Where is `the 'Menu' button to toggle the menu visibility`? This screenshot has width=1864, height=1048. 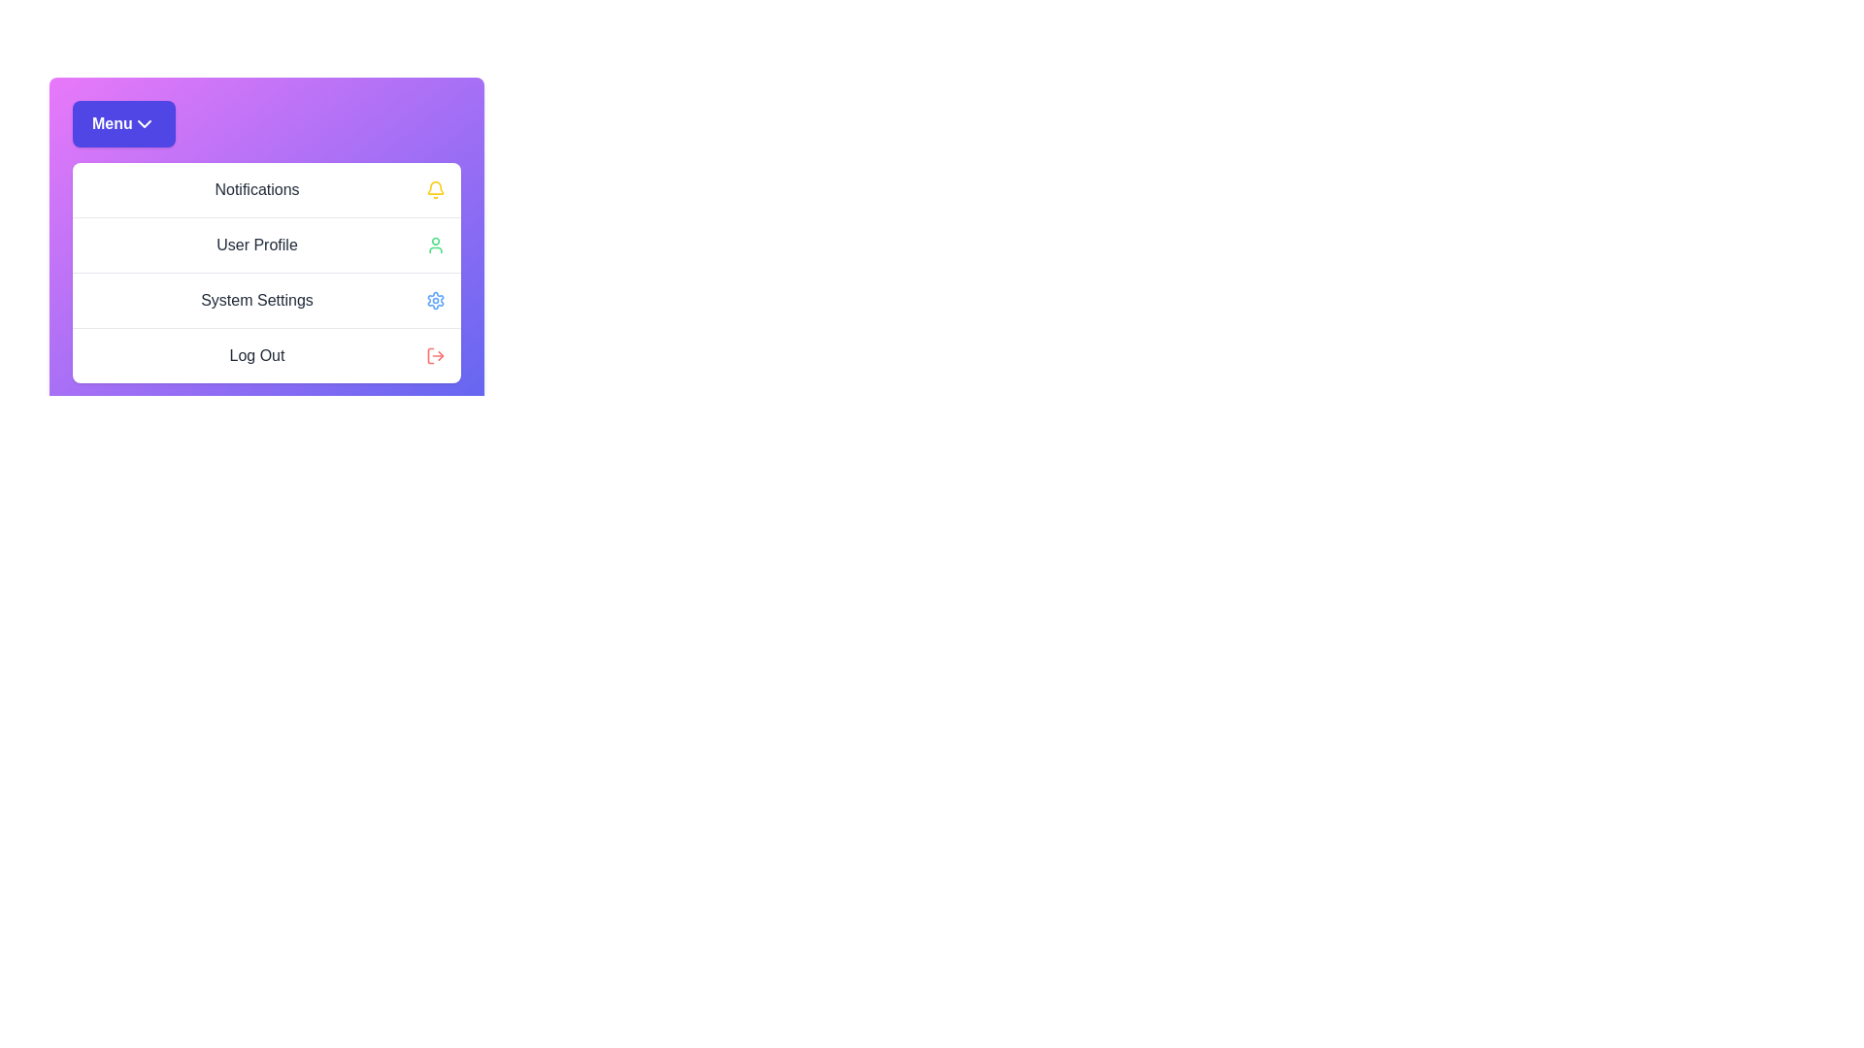
the 'Menu' button to toggle the menu visibility is located at coordinates (121, 123).